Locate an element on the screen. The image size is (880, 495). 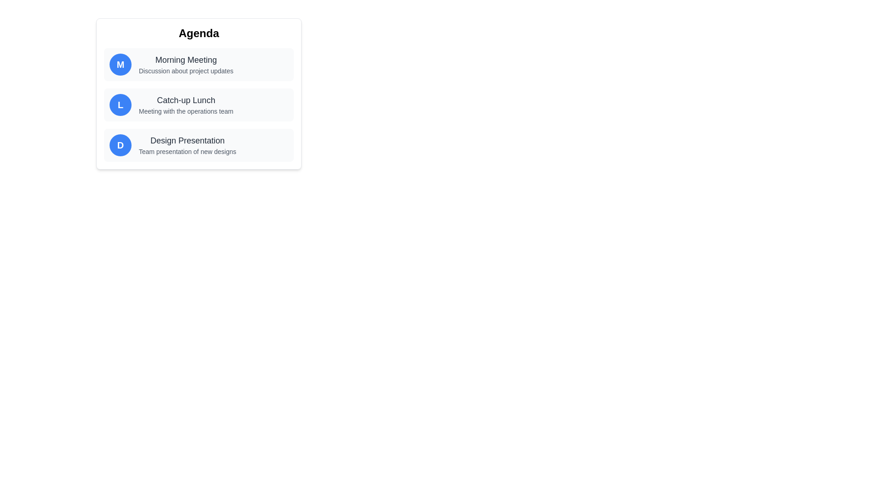
the circular blue badge with a white 'L' centered within it, located to the left of the text 'Catch-up Lunch' in the second item of the agenda list is located at coordinates (120, 104).